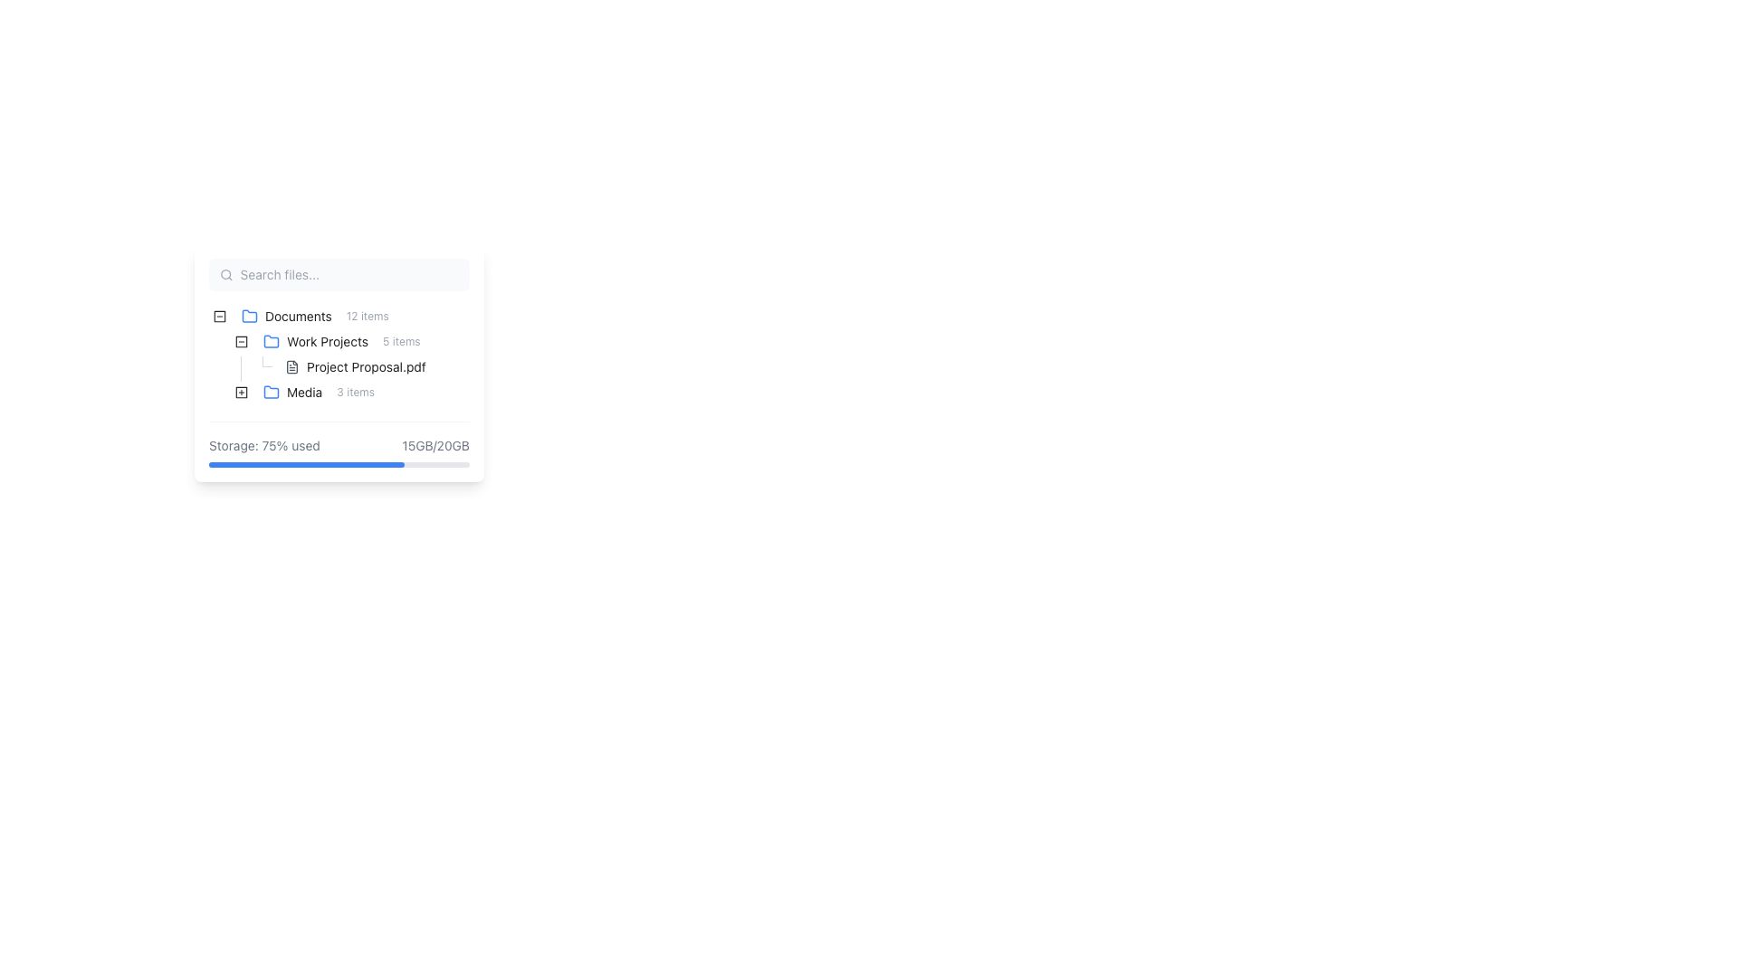 This screenshot has height=977, width=1738. What do you see at coordinates (291, 366) in the screenshot?
I see `the document icon that resembles a minimalist outline design, located to the left of the text 'Project Proposal.pdf' within the 'Work Projects' folder` at bounding box center [291, 366].